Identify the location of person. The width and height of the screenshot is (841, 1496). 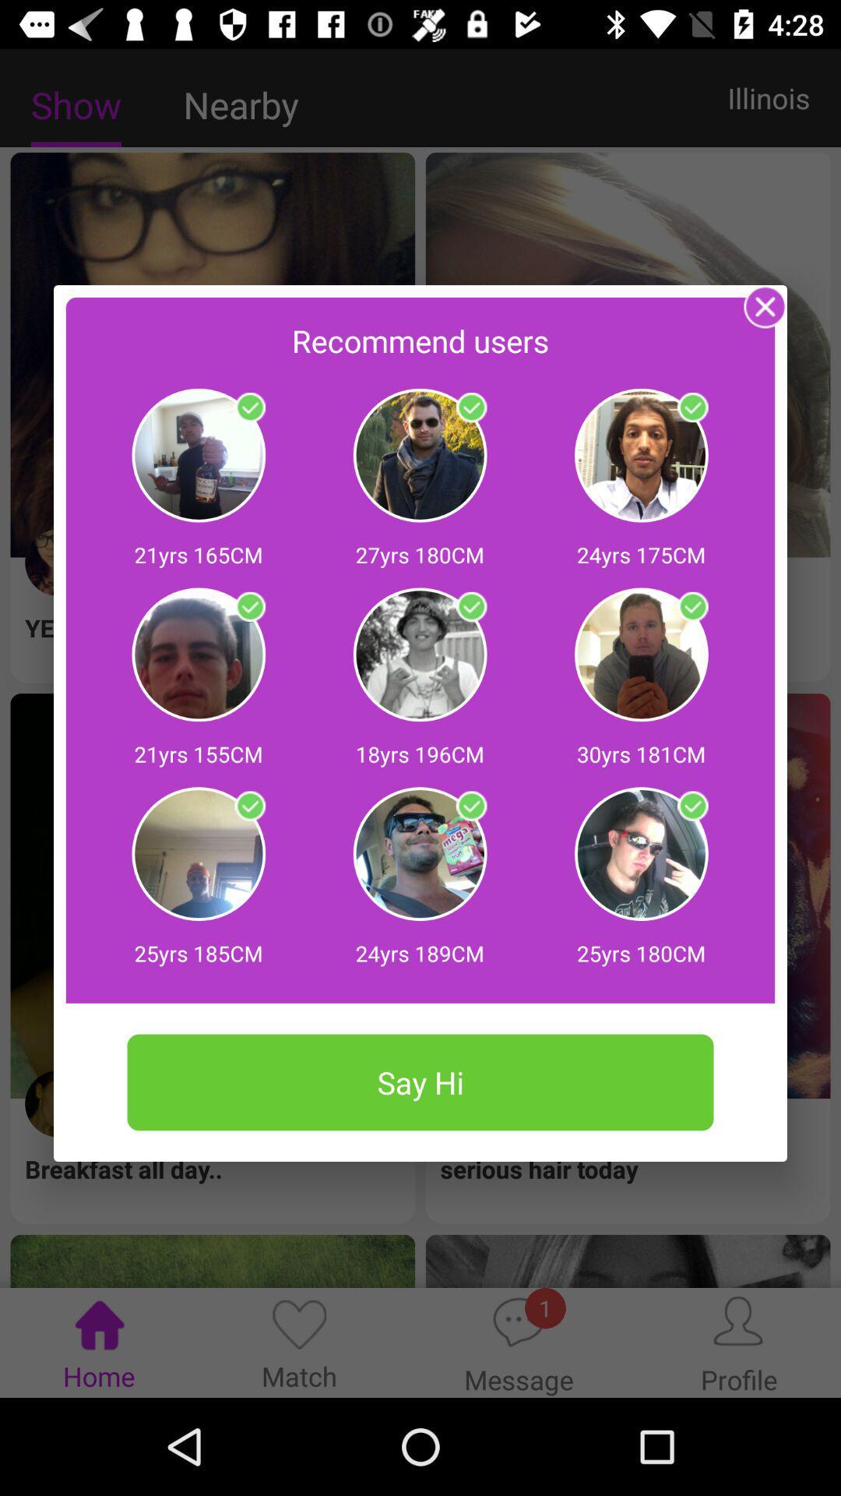
(249, 806).